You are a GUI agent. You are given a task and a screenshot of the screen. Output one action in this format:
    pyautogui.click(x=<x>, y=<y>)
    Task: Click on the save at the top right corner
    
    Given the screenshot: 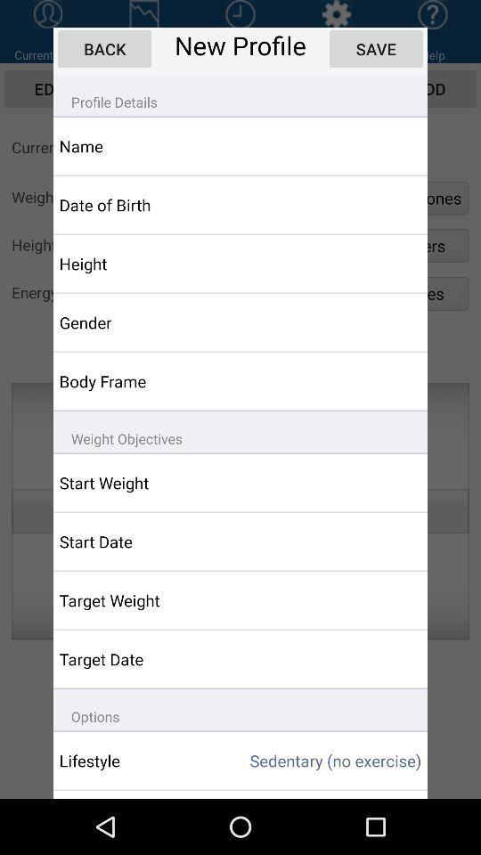 What is the action you would take?
    pyautogui.click(x=375, y=48)
    